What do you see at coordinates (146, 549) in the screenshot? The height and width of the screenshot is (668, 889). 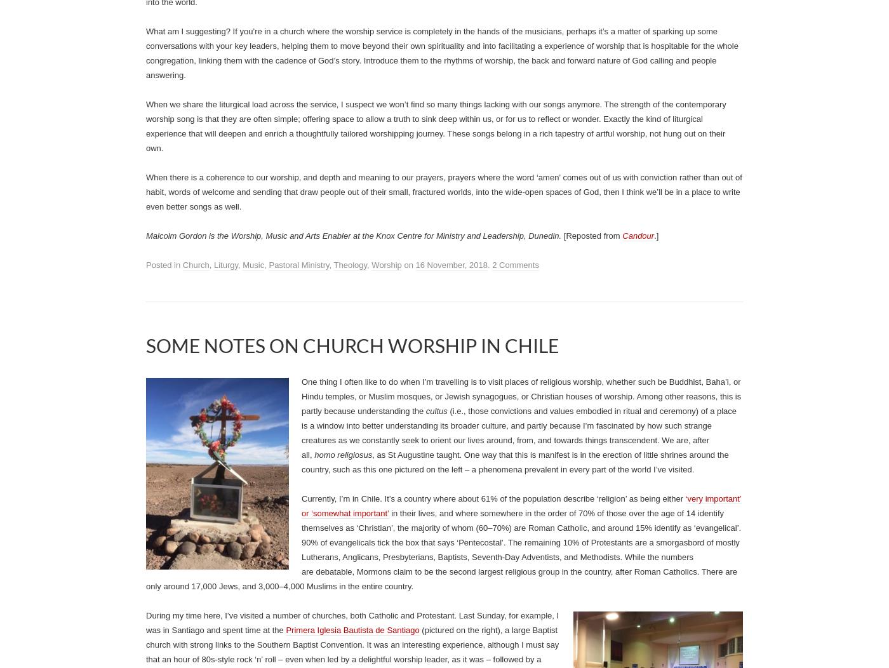 I see `'in their lives, and where somewhere in the order of 70% of those over the age of 14 identify themselves as ‘Christian’, the majority of whom (60–70%) are Roman Catholic, and around 15% identify as ‘evangelical’. 90% of evangelicals tick the box that says ‘Pentecostal’. The remaining 10% of Protestants are a smorgasbord of mostly Lutherans, Anglicans, Presbyterians, Baptists, Seventh-Day Adventists, and Methodists. While the numbers are debatable, Mormons claim to be the second largest religious group in the country, after Roman Catholics. There are only around 17,000 Jews, and 3,000–4,000 Muslims in the entire country.'` at bounding box center [146, 549].